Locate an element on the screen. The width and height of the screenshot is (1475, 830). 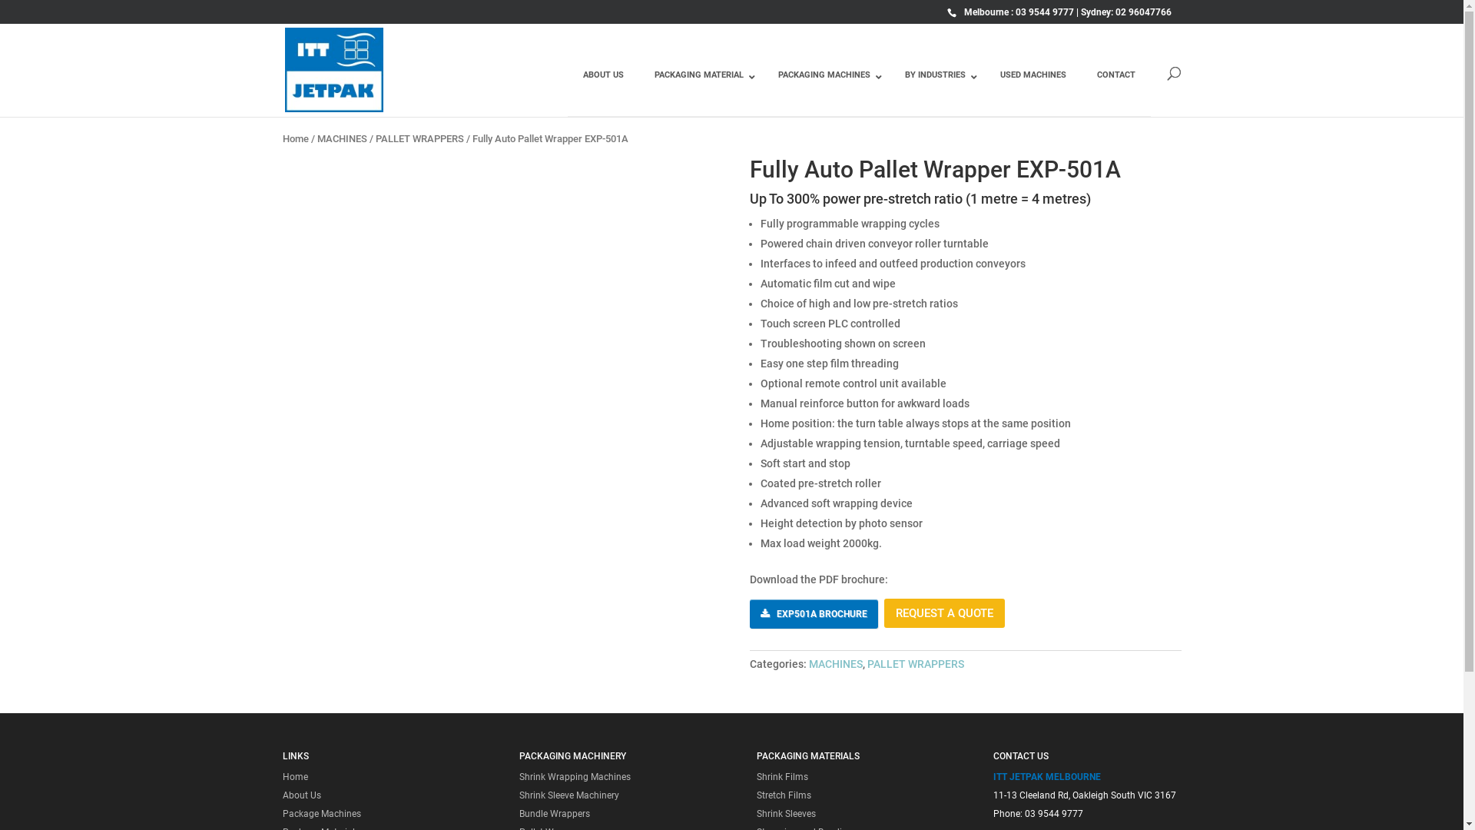
'USED MACHINES' is located at coordinates (984, 86).